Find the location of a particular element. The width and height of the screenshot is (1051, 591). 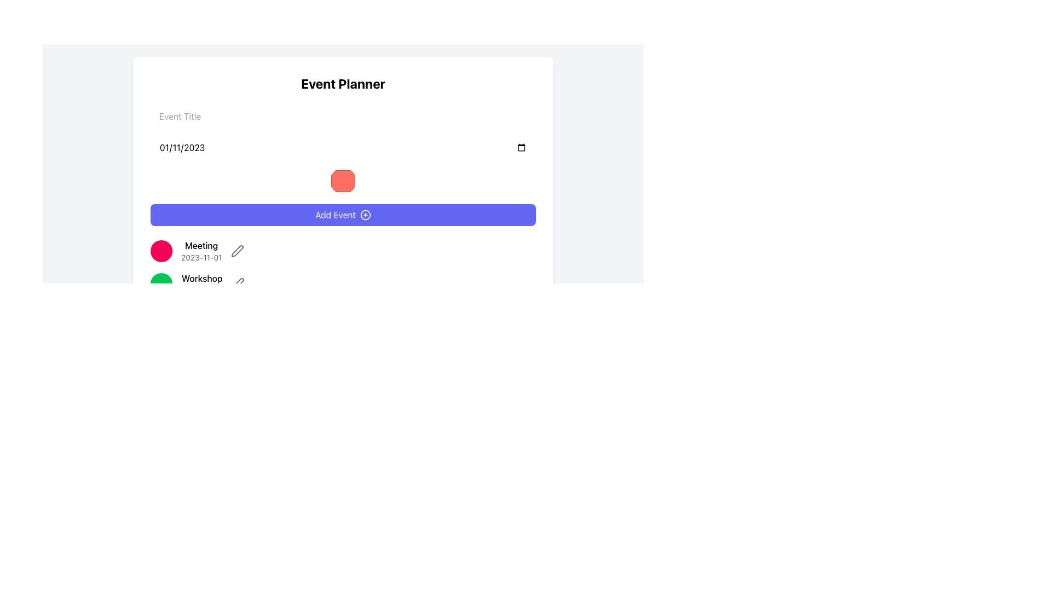

the static text label displaying the date '2023-11-01', which is aligned under the 'Meeting' label is located at coordinates (201, 257).